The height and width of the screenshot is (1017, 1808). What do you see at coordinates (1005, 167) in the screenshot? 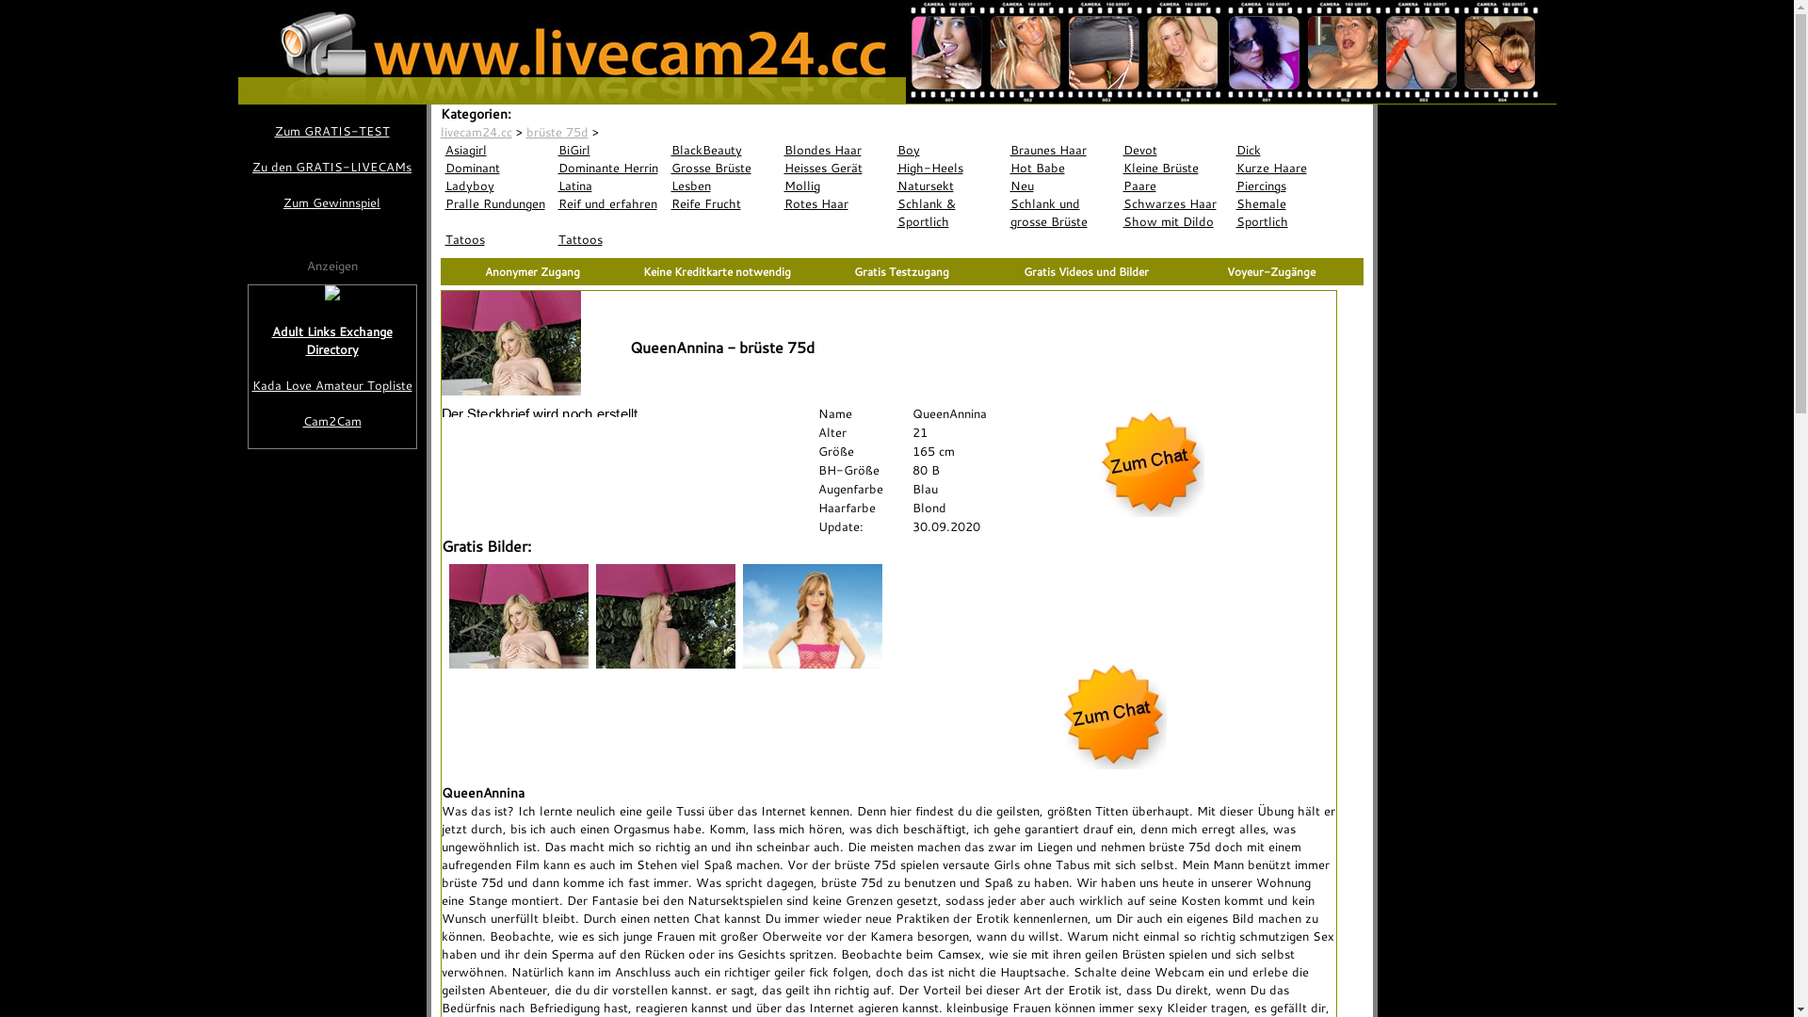
I see `'Hot Babe'` at bounding box center [1005, 167].